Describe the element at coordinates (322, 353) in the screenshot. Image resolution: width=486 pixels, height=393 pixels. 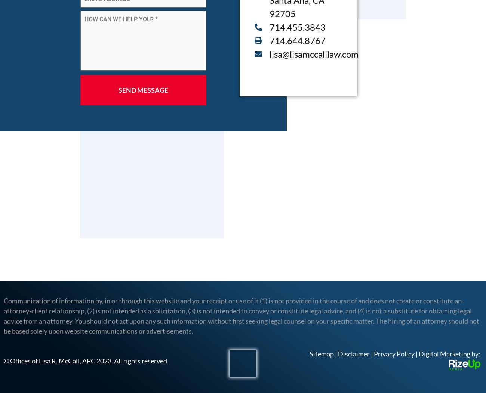
I see `'Sitemap'` at that location.